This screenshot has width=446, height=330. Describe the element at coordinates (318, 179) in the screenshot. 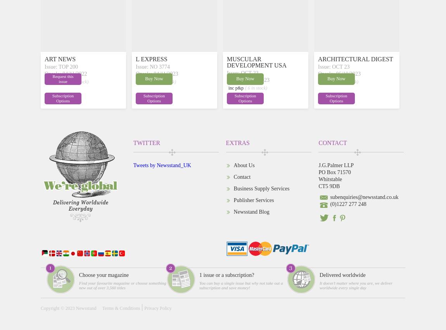

I see `'Whitstable'` at that location.